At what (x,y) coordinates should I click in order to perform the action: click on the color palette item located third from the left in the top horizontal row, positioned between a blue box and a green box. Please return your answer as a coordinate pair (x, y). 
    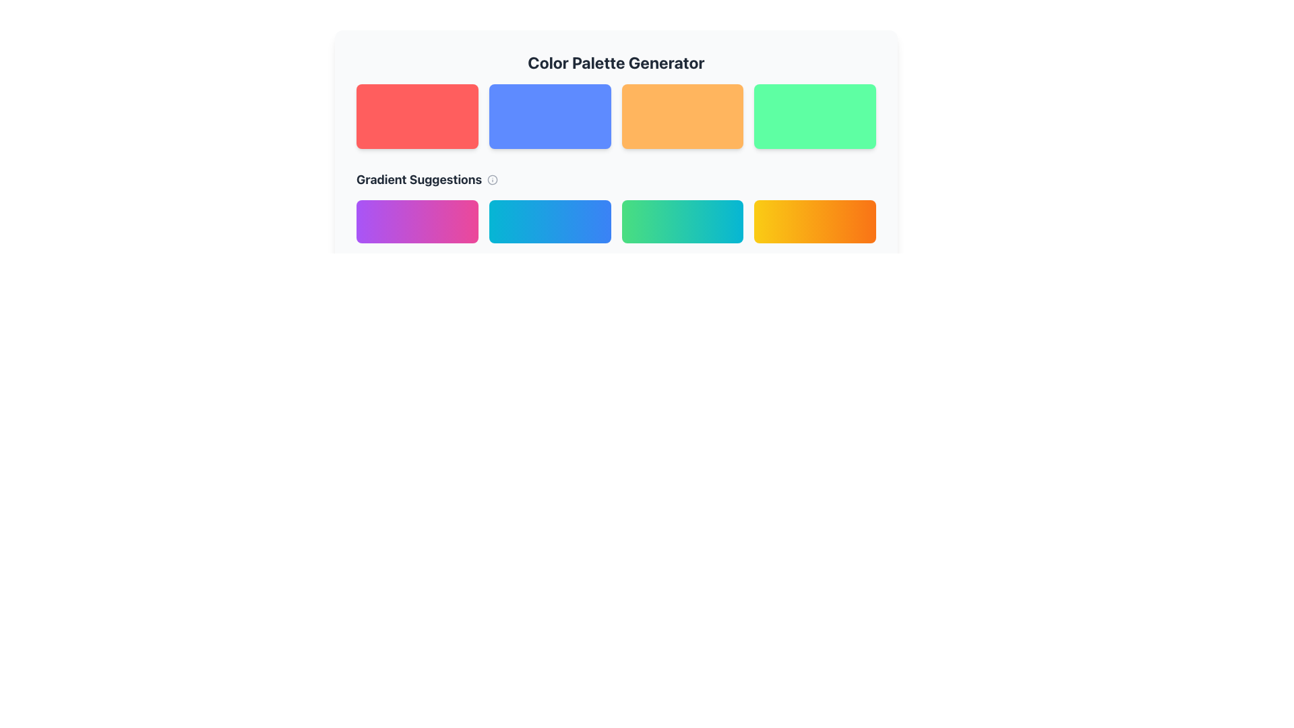
    Looking at the image, I should click on (682, 116).